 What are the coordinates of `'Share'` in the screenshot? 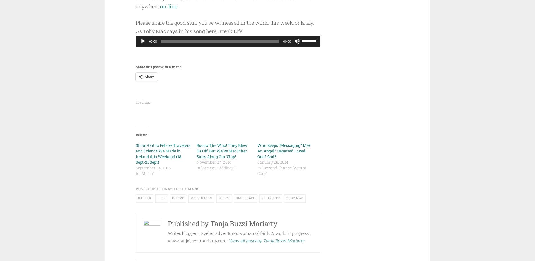 It's located at (150, 76).